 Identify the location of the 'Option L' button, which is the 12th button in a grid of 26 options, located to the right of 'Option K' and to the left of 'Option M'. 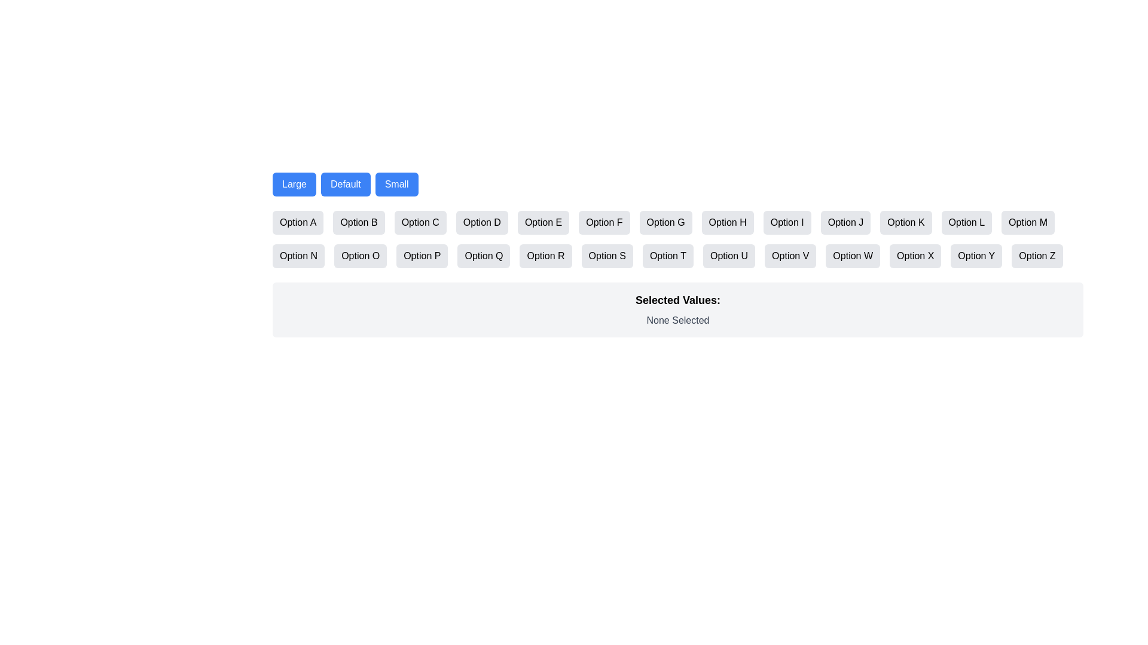
(966, 223).